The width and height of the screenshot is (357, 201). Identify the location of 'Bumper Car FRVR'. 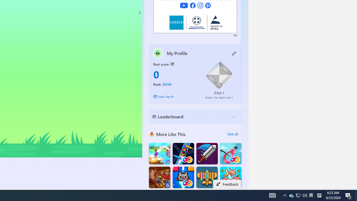
(183, 154).